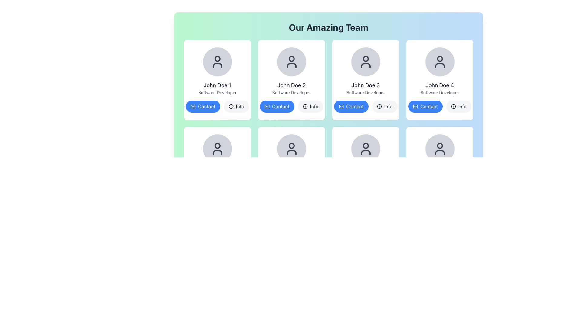 This screenshot has height=326, width=581. Describe the element at coordinates (379, 106) in the screenshot. I see `the circular 'Info' icon located next to the blue 'Contact' button in the profile card of 'John Doe 3'` at that location.